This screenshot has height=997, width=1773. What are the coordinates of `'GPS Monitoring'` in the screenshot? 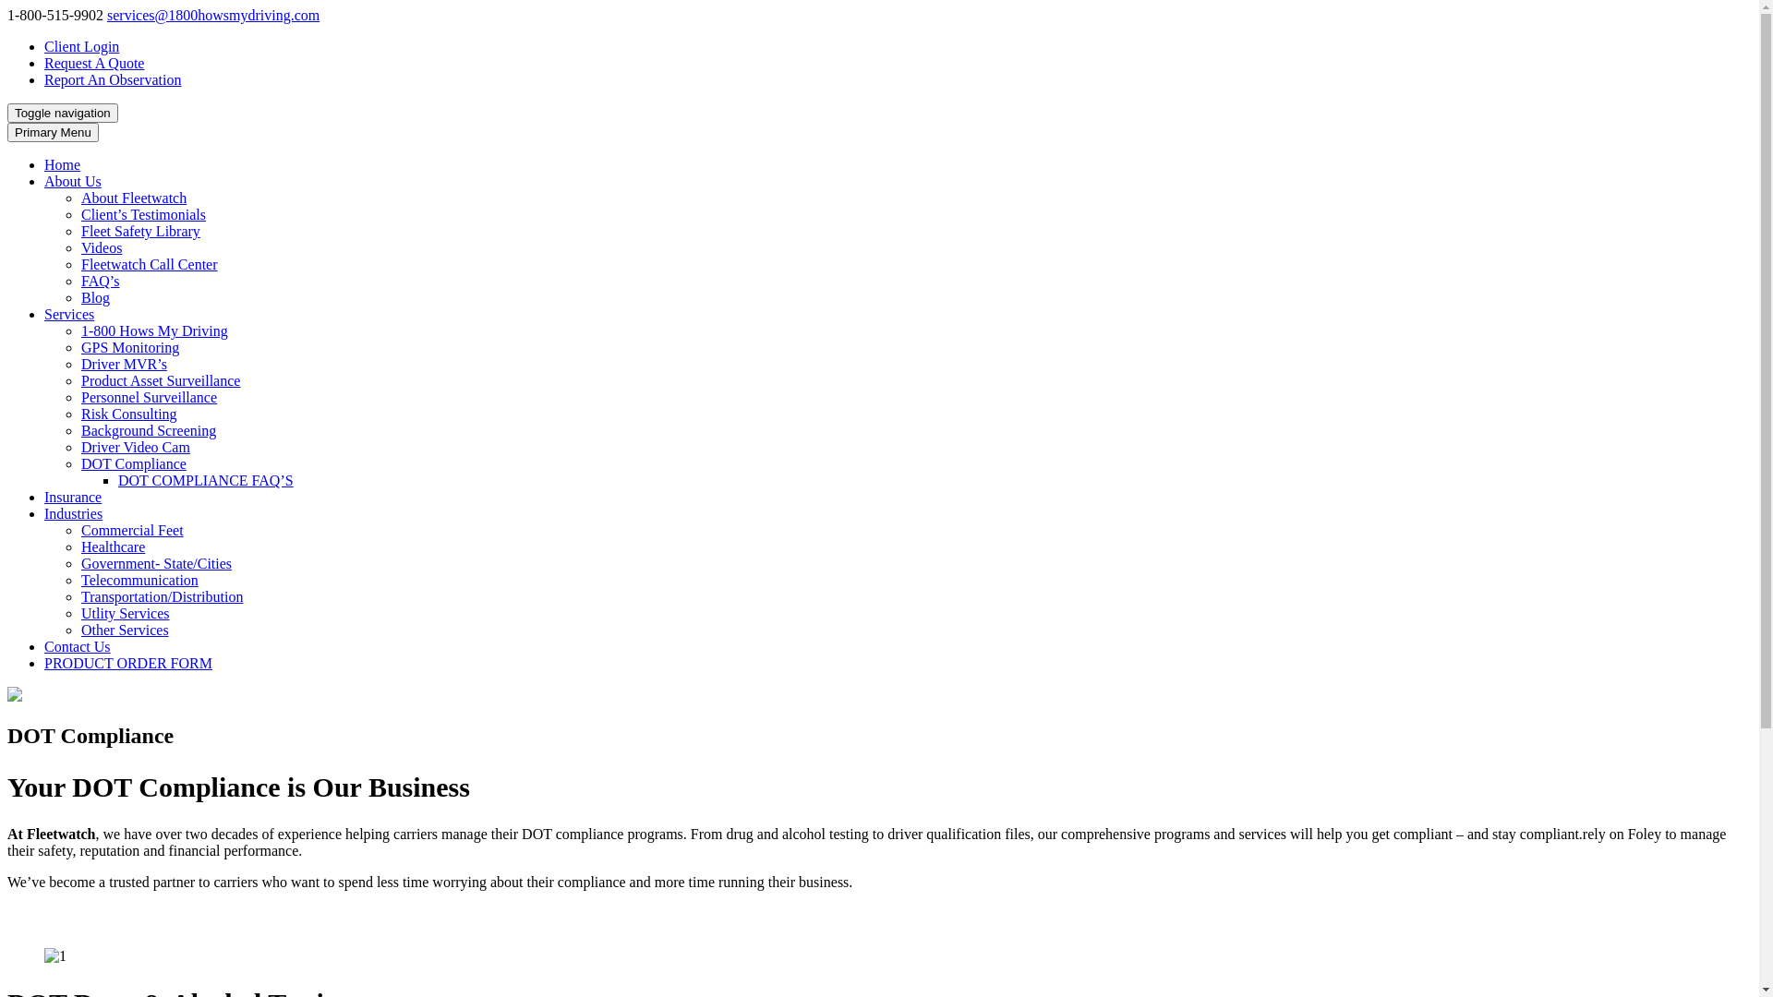 It's located at (128, 347).